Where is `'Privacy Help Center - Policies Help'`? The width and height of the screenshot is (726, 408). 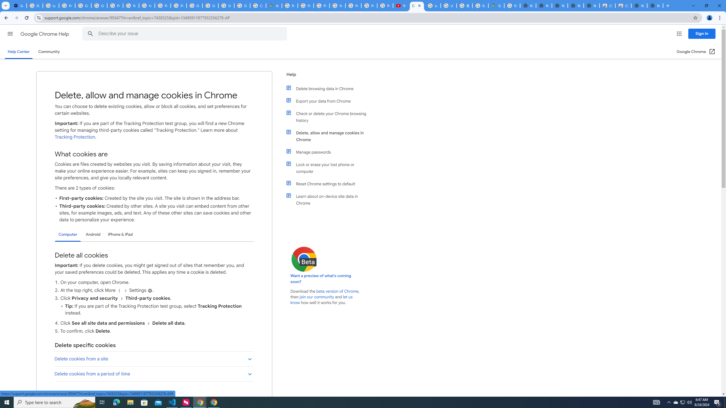
'Privacy Help Center - Policies Help' is located at coordinates (321, 5).